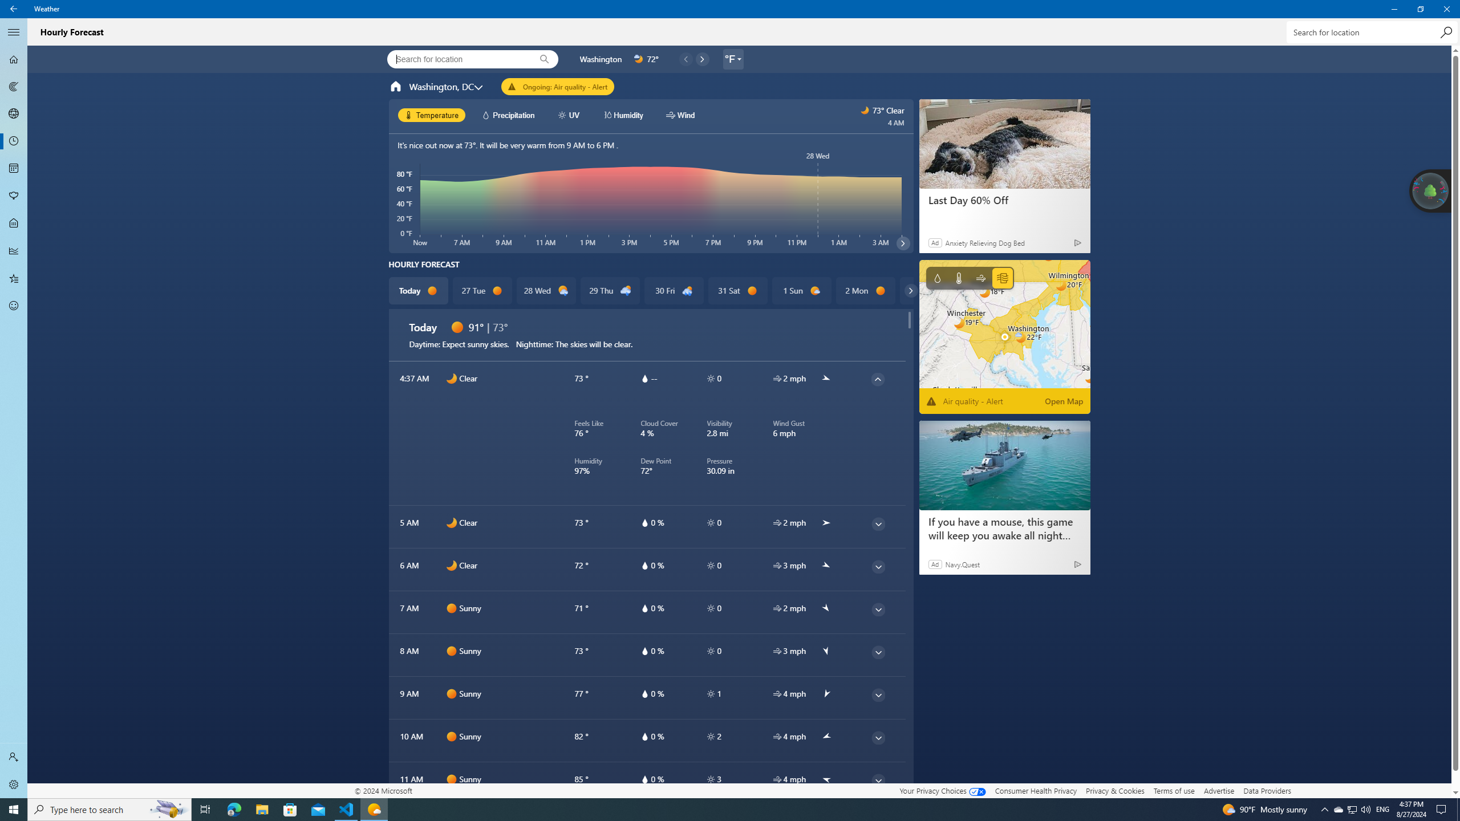  I want to click on 'Visual Studio Code - 1 running window', so click(346, 808).